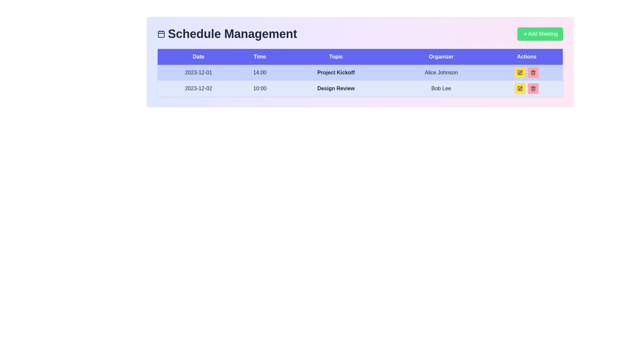  Describe the element at coordinates (533, 72) in the screenshot. I see `the delete button located` at that location.